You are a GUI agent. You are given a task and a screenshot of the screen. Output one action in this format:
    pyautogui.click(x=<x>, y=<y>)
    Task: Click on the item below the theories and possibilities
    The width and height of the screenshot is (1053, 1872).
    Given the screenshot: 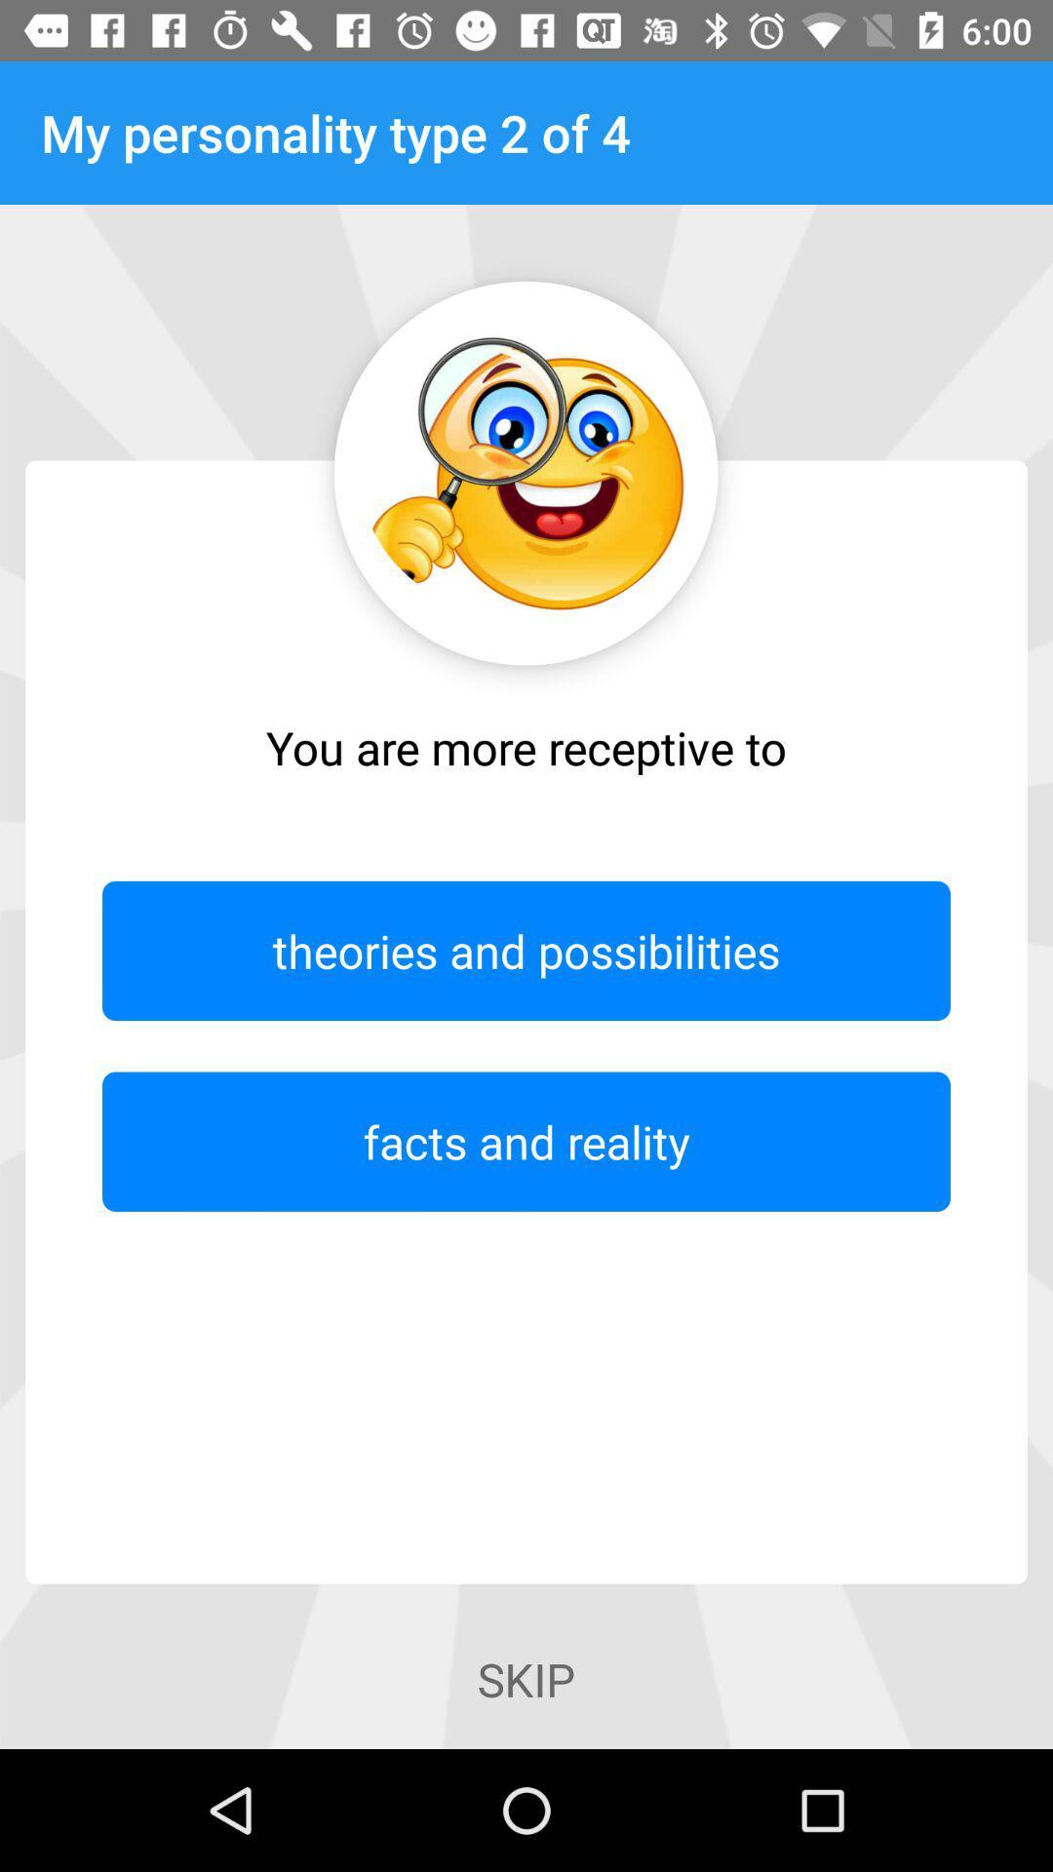 What is the action you would take?
    pyautogui.click(x=526, y=1142)
    